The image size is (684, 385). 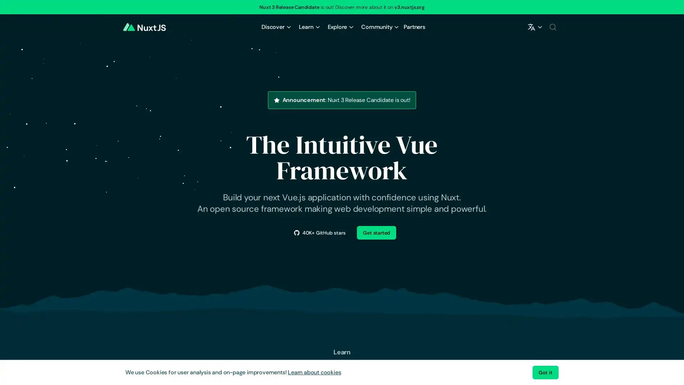 I want to click on Search, so click(x=552, y=27).